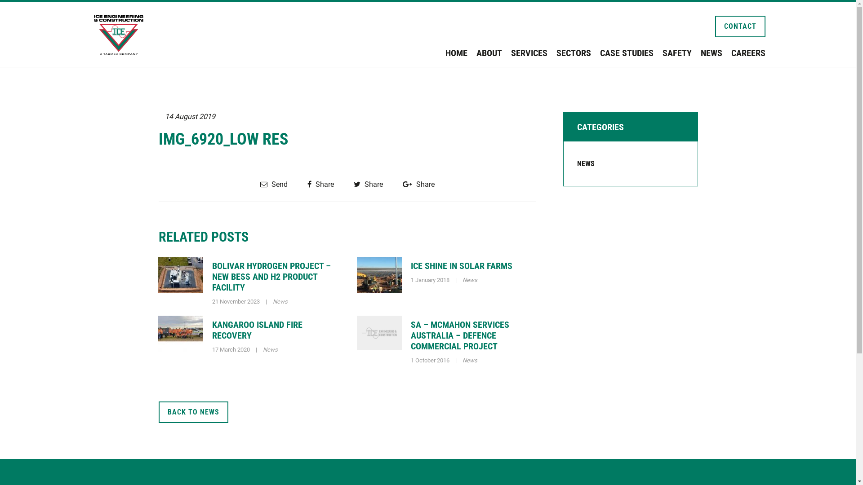 This screenshot has width=863, height=485. What do you see at coordinates (626, 53) in the screenshot?
I see `'CASE STUDIES'` at bounding box center [626, 53].